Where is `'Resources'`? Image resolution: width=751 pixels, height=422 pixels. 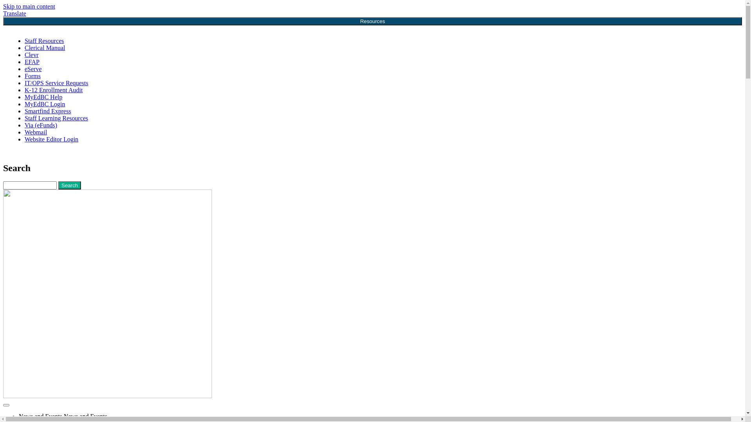
'Resources' is located at coordinates (372, 21).